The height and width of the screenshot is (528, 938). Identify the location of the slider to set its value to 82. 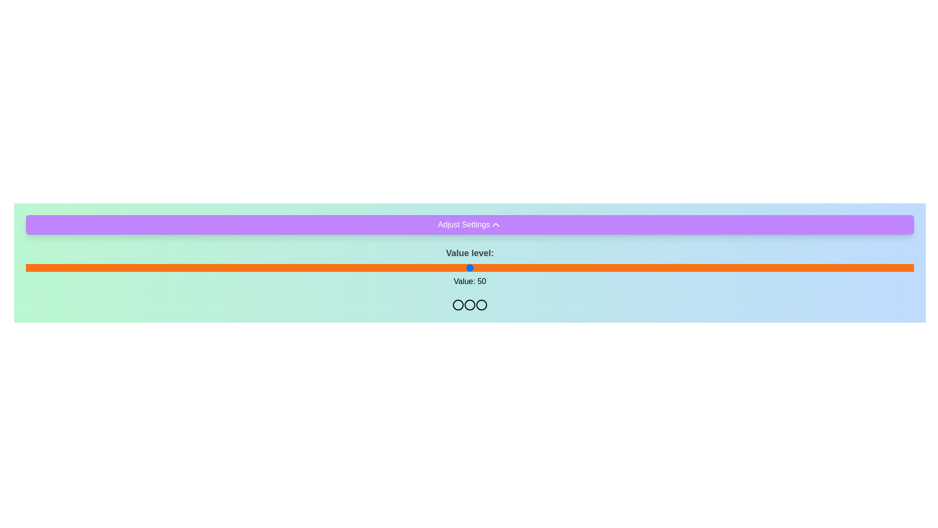
(753, 267).